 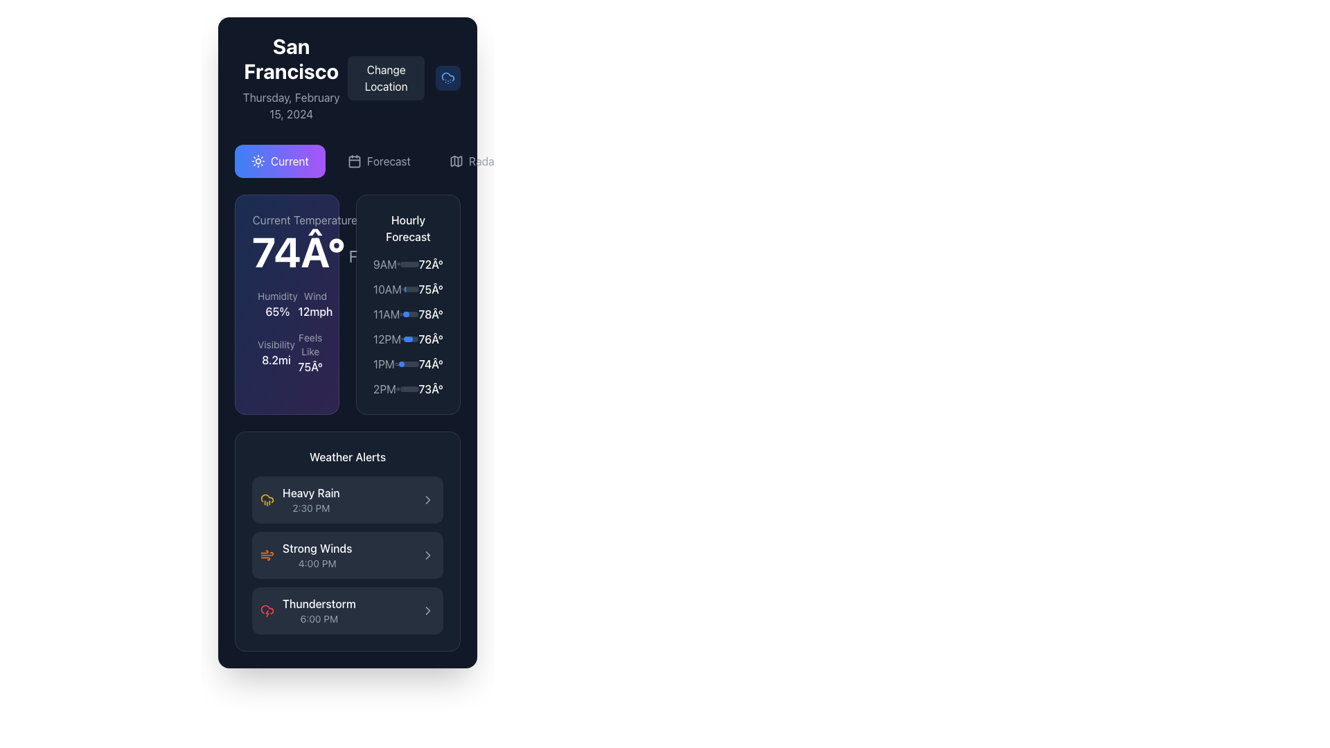 I want to click on the weather toggle button located to the right of the 'Change Location' button to activate hover effects, so click(x=448, y=78).